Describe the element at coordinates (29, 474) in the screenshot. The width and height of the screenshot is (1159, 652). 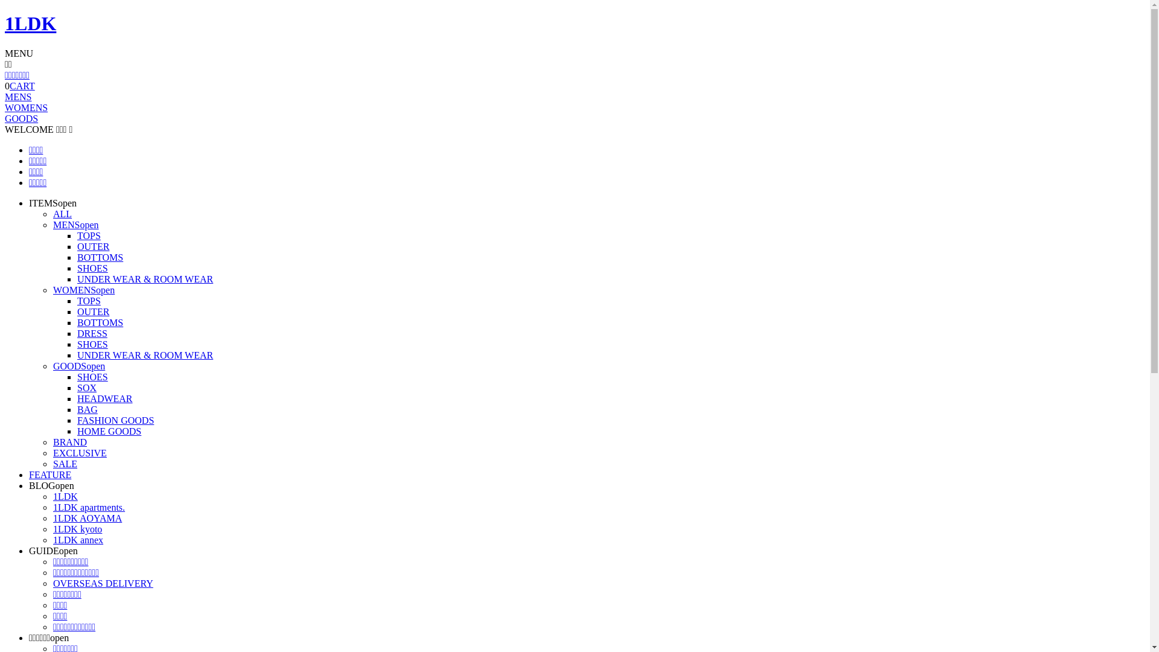
I see `'FEATURE'` at that location.